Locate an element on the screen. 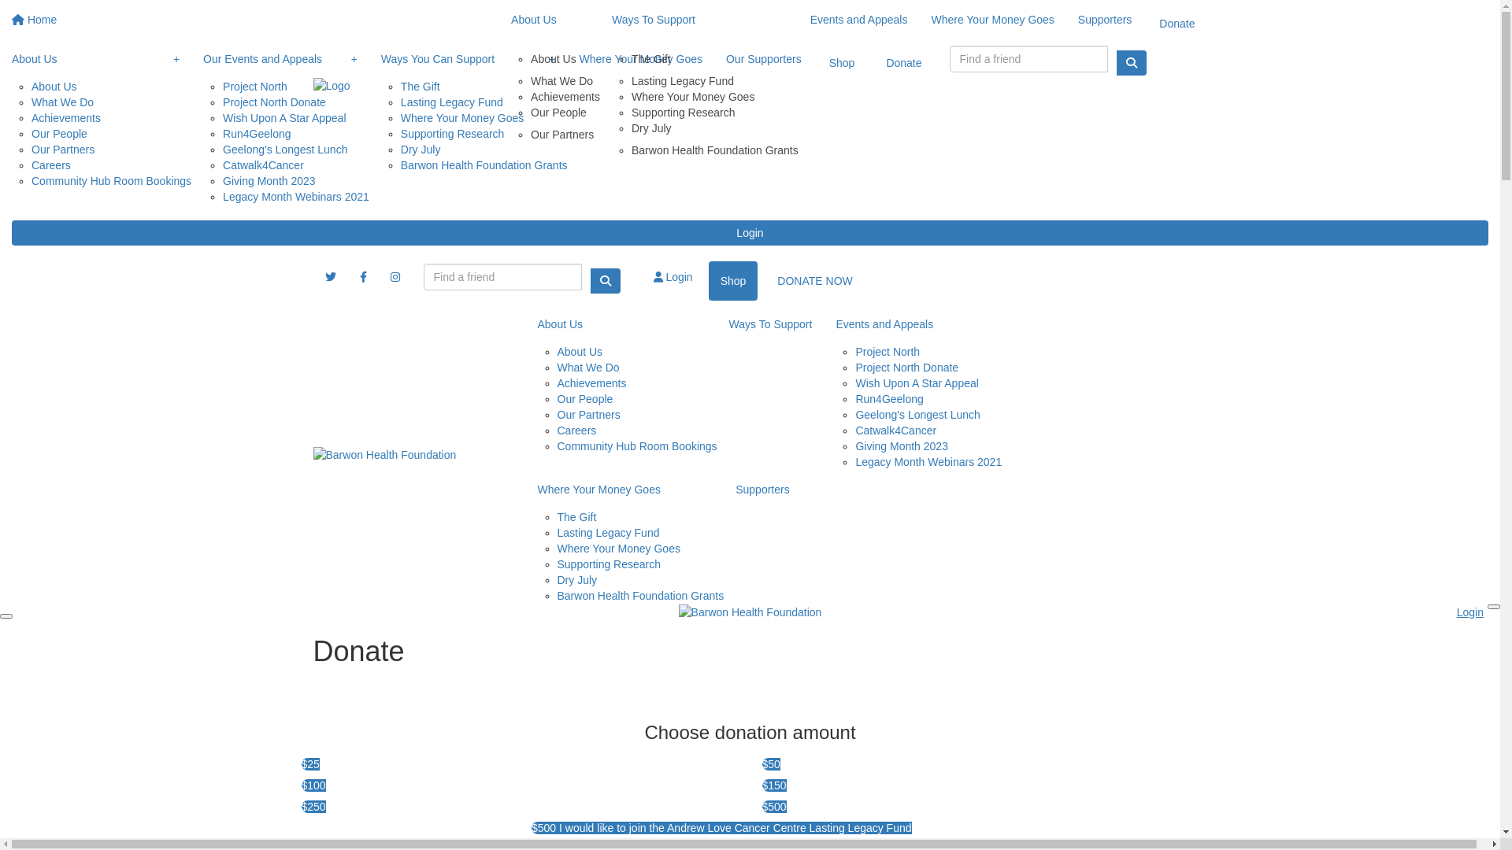 This screenshot has height=850, width=1512. 'Legacy Month Webinars 2021' is located at coordinates (928, 464).